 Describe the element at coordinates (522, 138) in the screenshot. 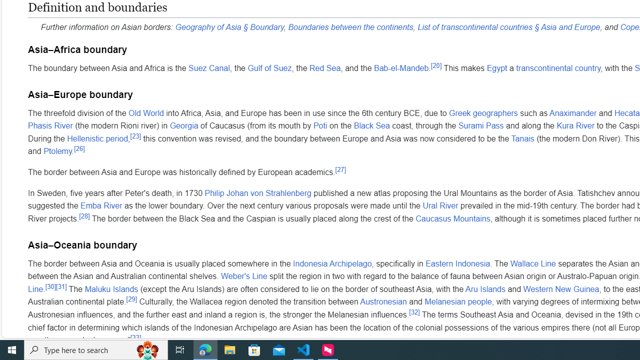

I see `'Tanais'` at that location.